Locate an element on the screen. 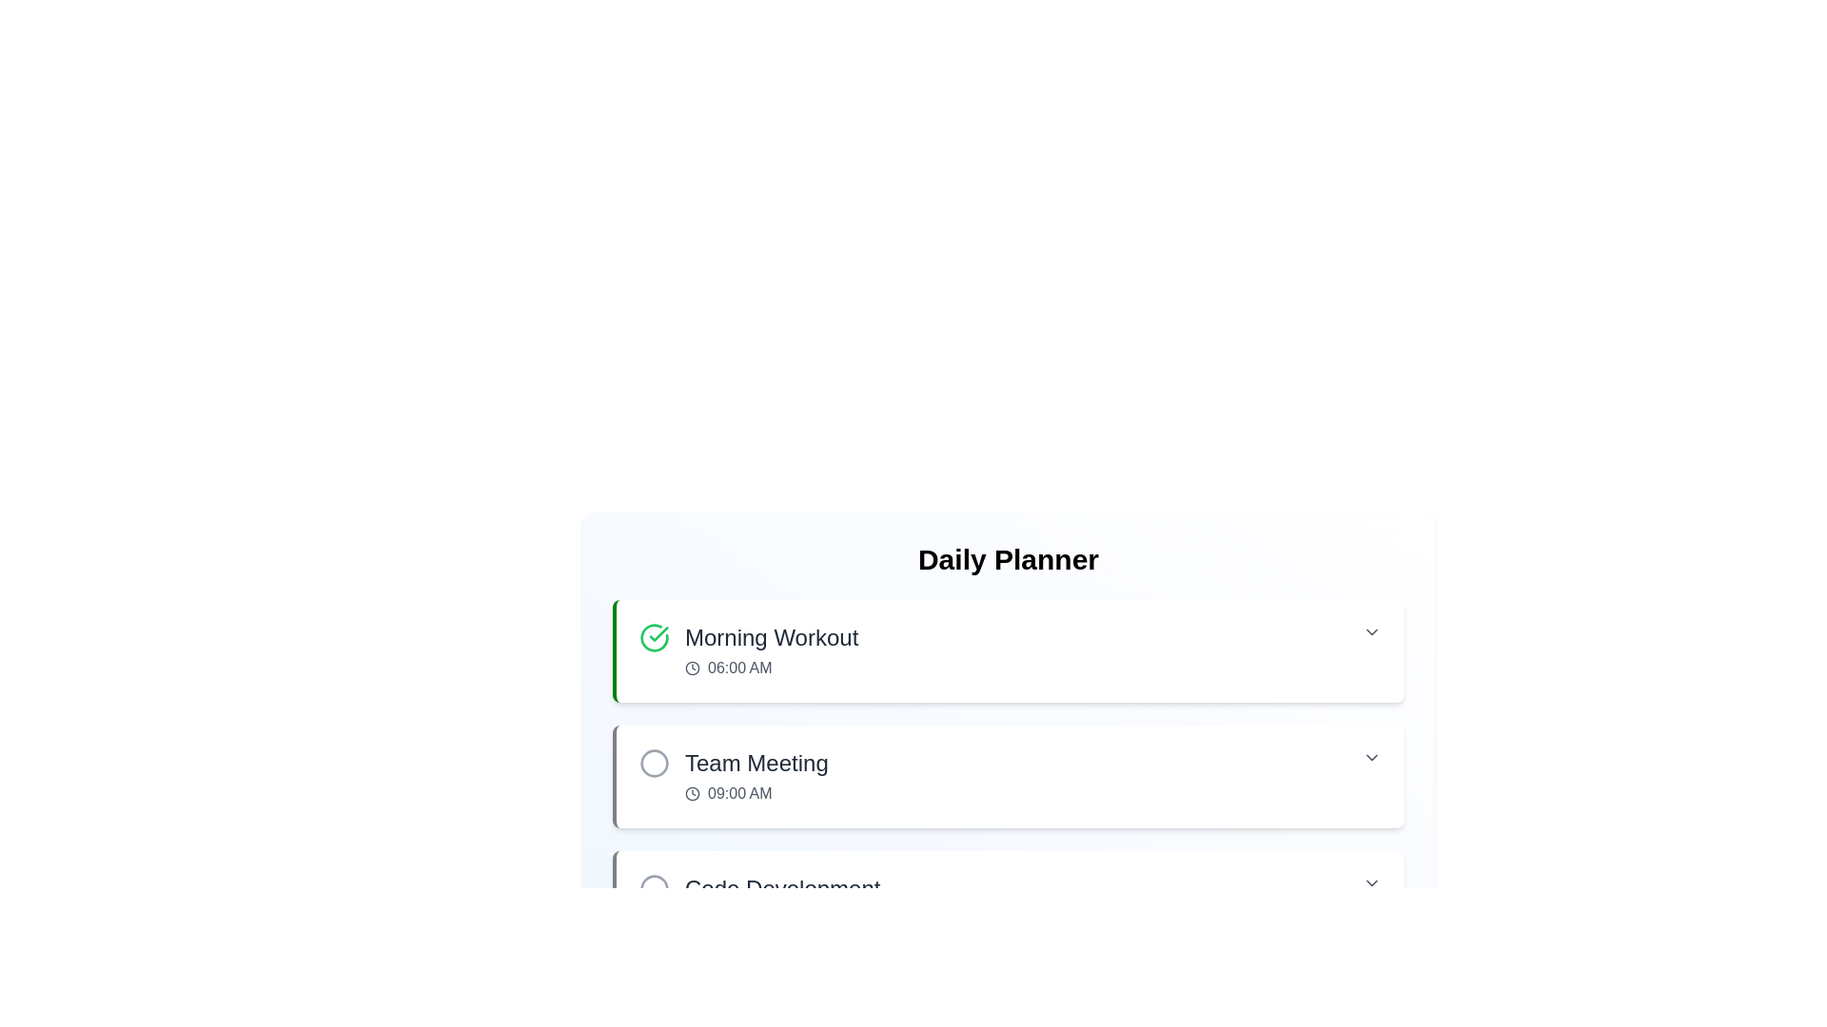 The image size is (1827, 1027). the first List item card in the Daily Planner is located at coordinates (1008, 650).